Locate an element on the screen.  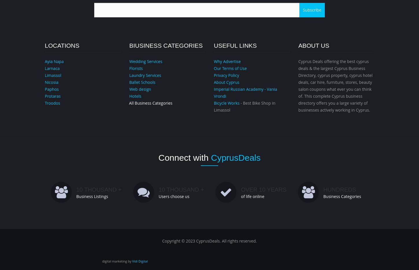
'Web design' is located at coordinates (140, 89).